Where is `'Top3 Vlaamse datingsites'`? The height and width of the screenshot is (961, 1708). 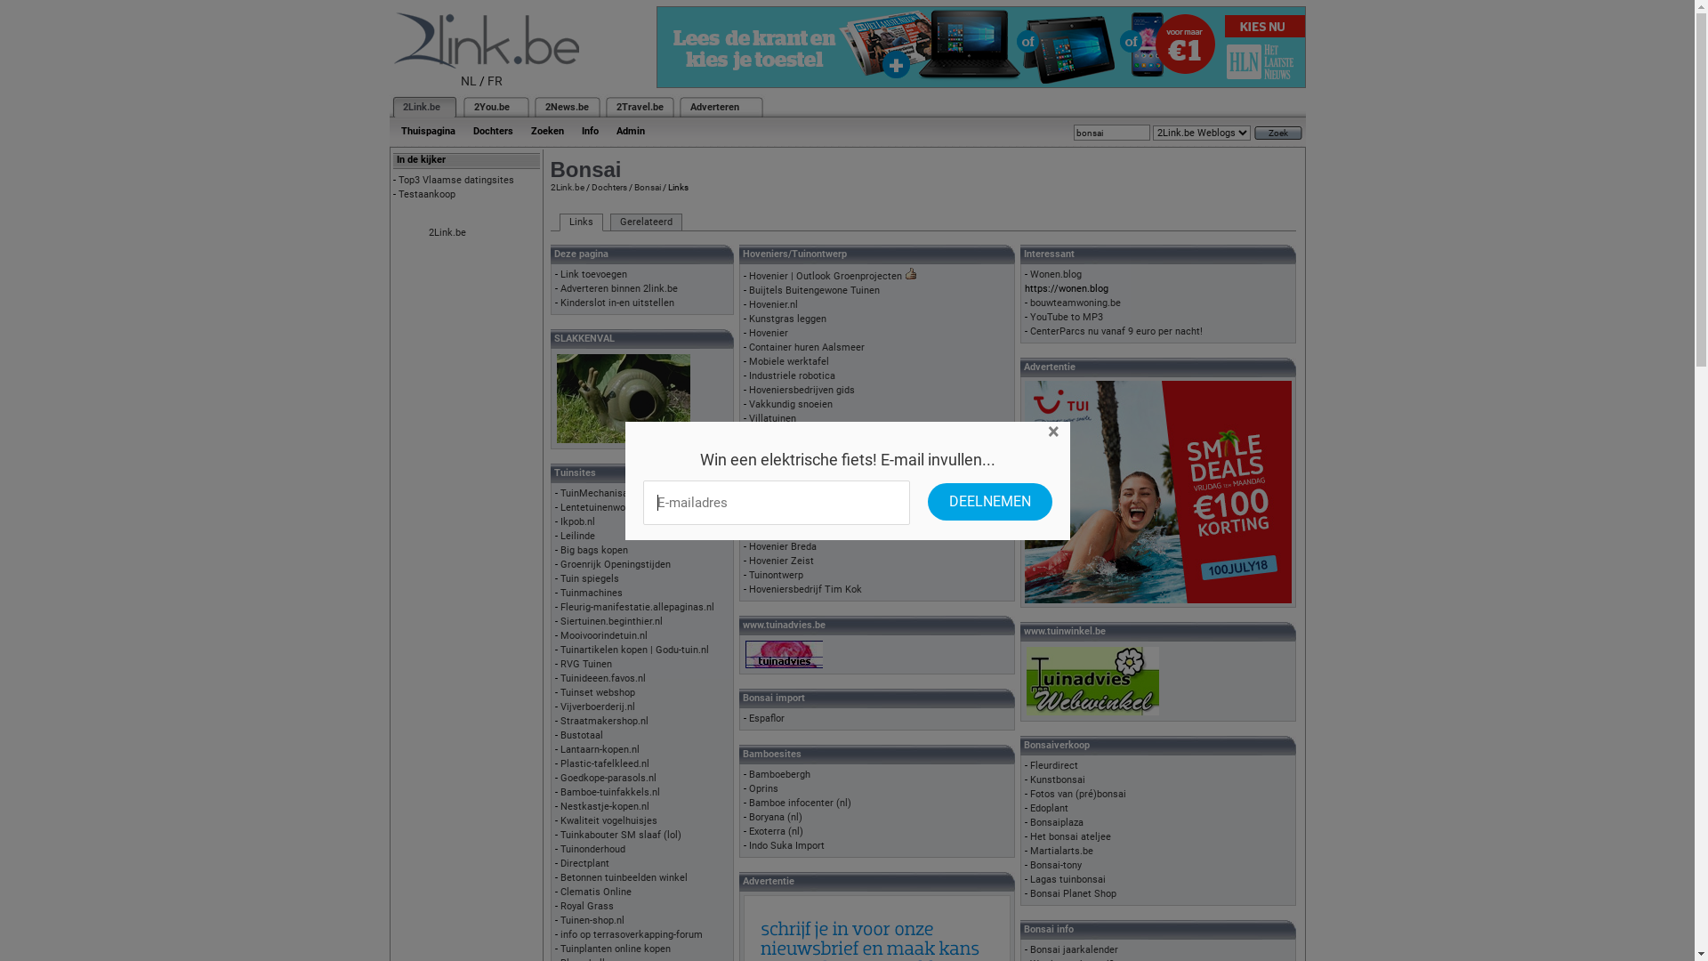 'Top3 Vlaamse datingsites' is located at coordinates (456, 180).